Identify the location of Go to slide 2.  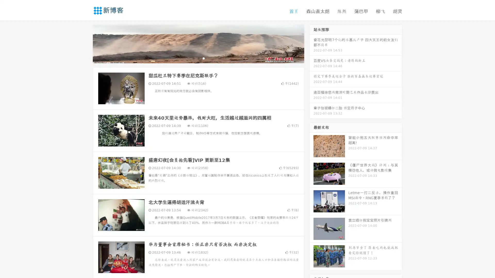
(198, 58).